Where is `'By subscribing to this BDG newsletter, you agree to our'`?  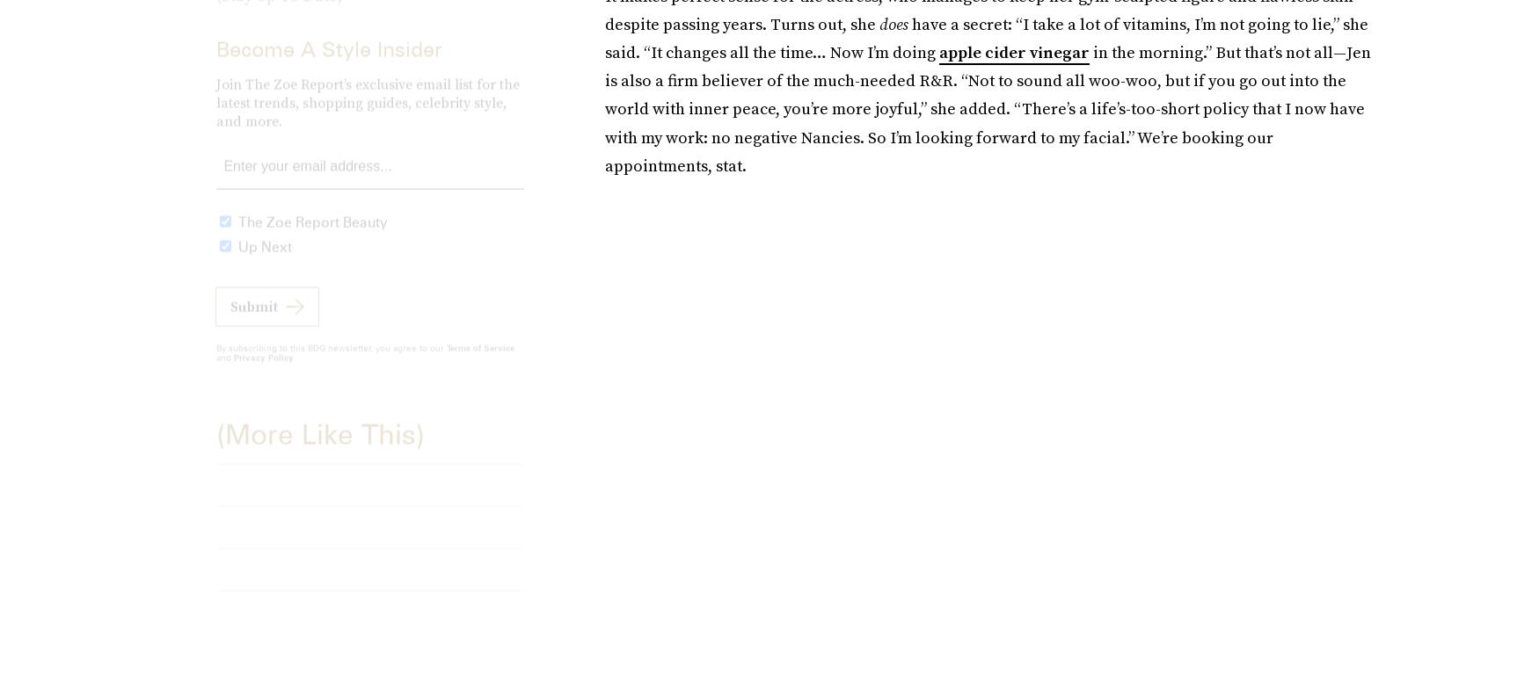
'By subscribing to this BDG newsletter, you agree to our' is located at coordinates (330, 360).